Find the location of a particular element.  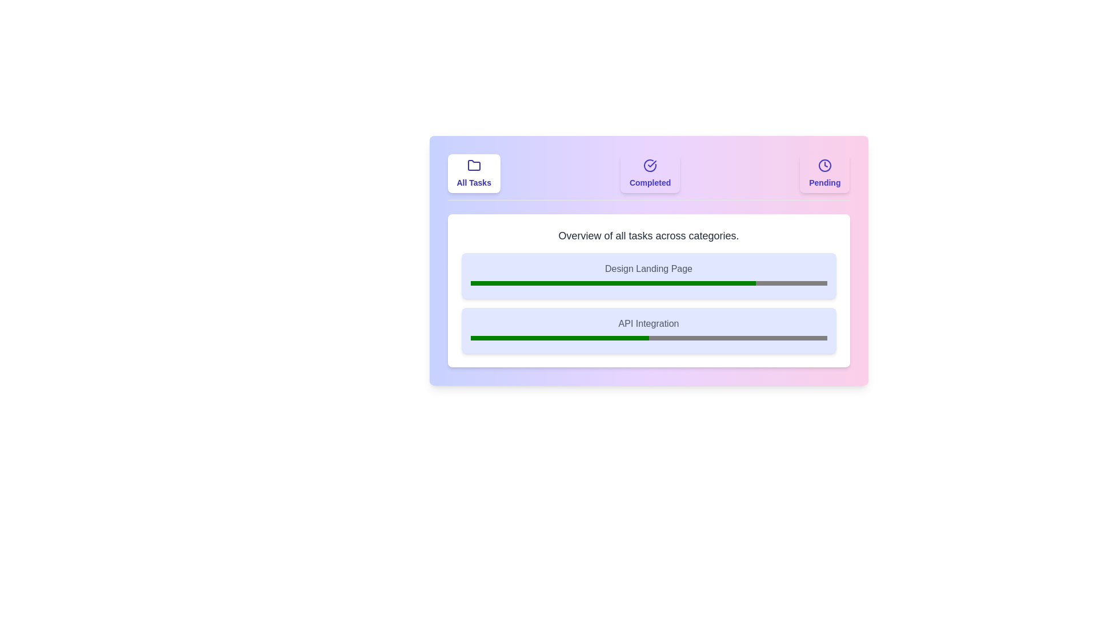

the static text label that states 'Overview of all tasks across categories', which is centered at the upper region of a white rounded box with shadow effects is located at coordinates (648, 235).